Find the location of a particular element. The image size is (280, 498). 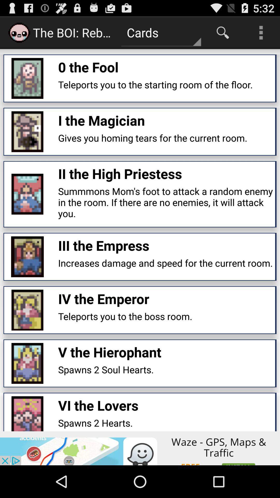

the image which is right to text iv the emperor is located at coordinates (27, 310).